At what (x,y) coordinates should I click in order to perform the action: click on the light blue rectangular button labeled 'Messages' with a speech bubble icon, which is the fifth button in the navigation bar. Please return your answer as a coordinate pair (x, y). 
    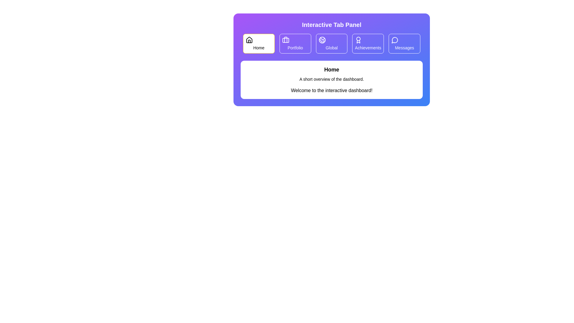
    Looking at the image, I should click on (404, 43).